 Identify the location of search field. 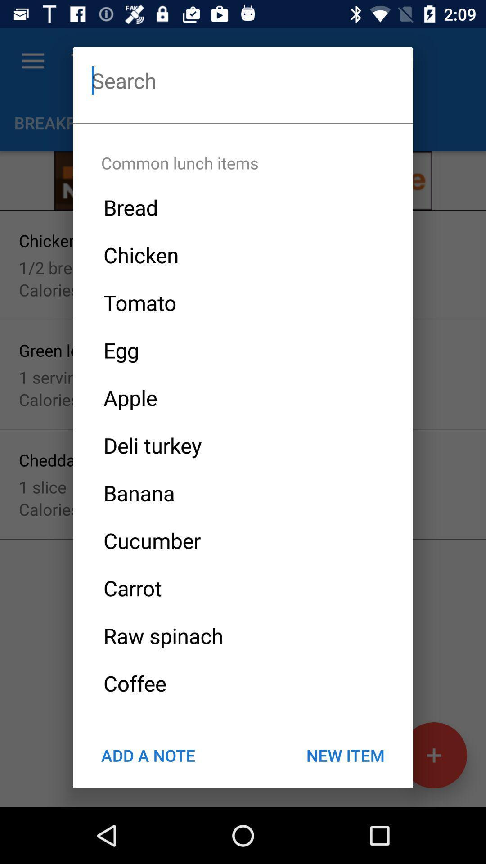
(243, 80).